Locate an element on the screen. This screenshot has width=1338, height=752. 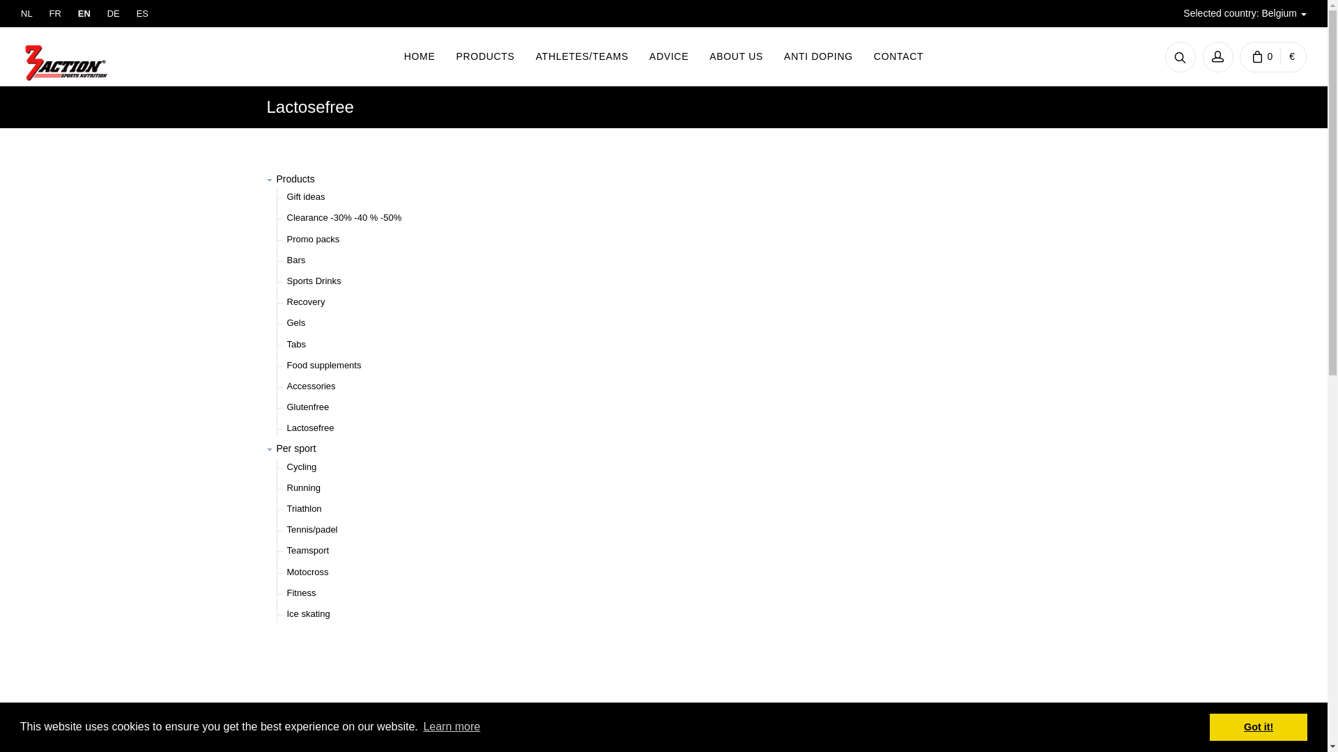
'ABOUT US' is located at coordinates (735, 56).